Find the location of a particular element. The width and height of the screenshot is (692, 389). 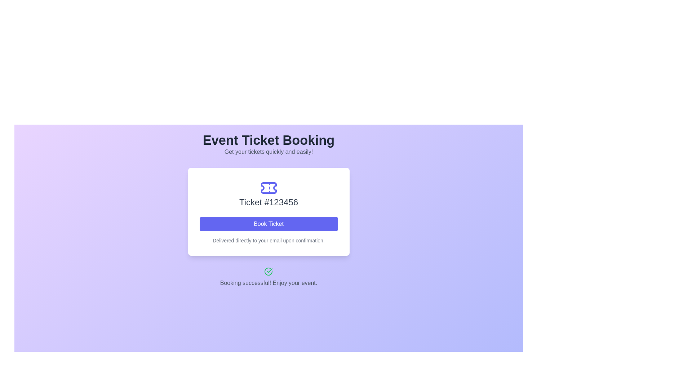

confirmation message text label located directly below the green checkmark icon, which informs the user of their successful booking is located at coordinates (268, 283).